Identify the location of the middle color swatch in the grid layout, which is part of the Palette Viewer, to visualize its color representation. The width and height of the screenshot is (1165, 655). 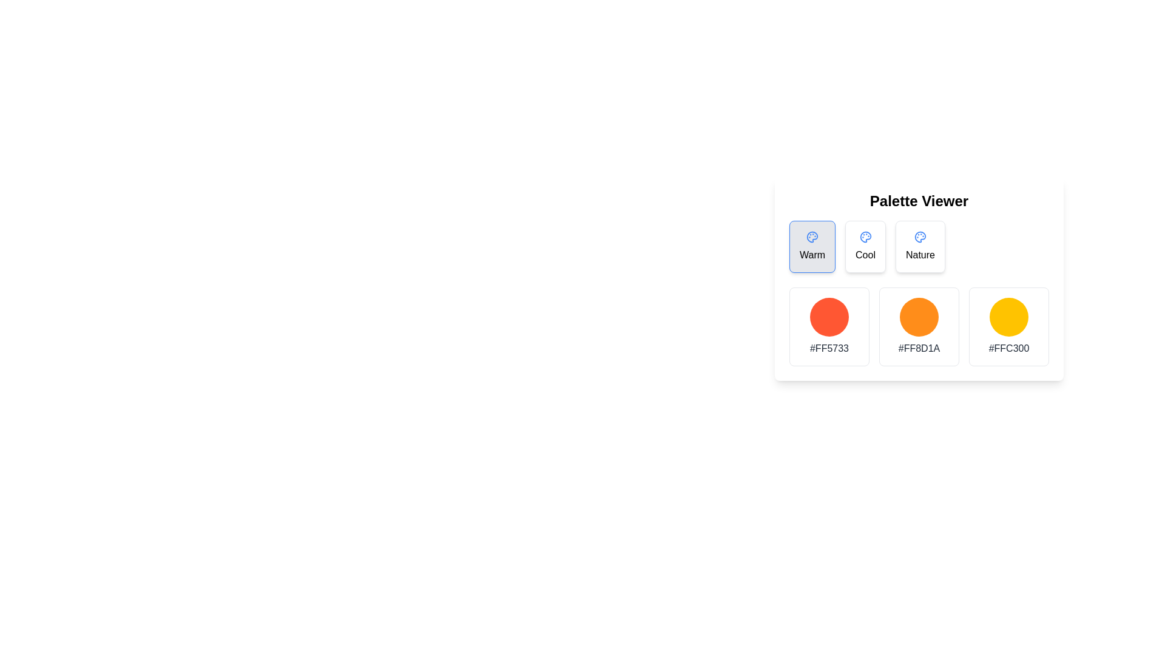
(919, 326).